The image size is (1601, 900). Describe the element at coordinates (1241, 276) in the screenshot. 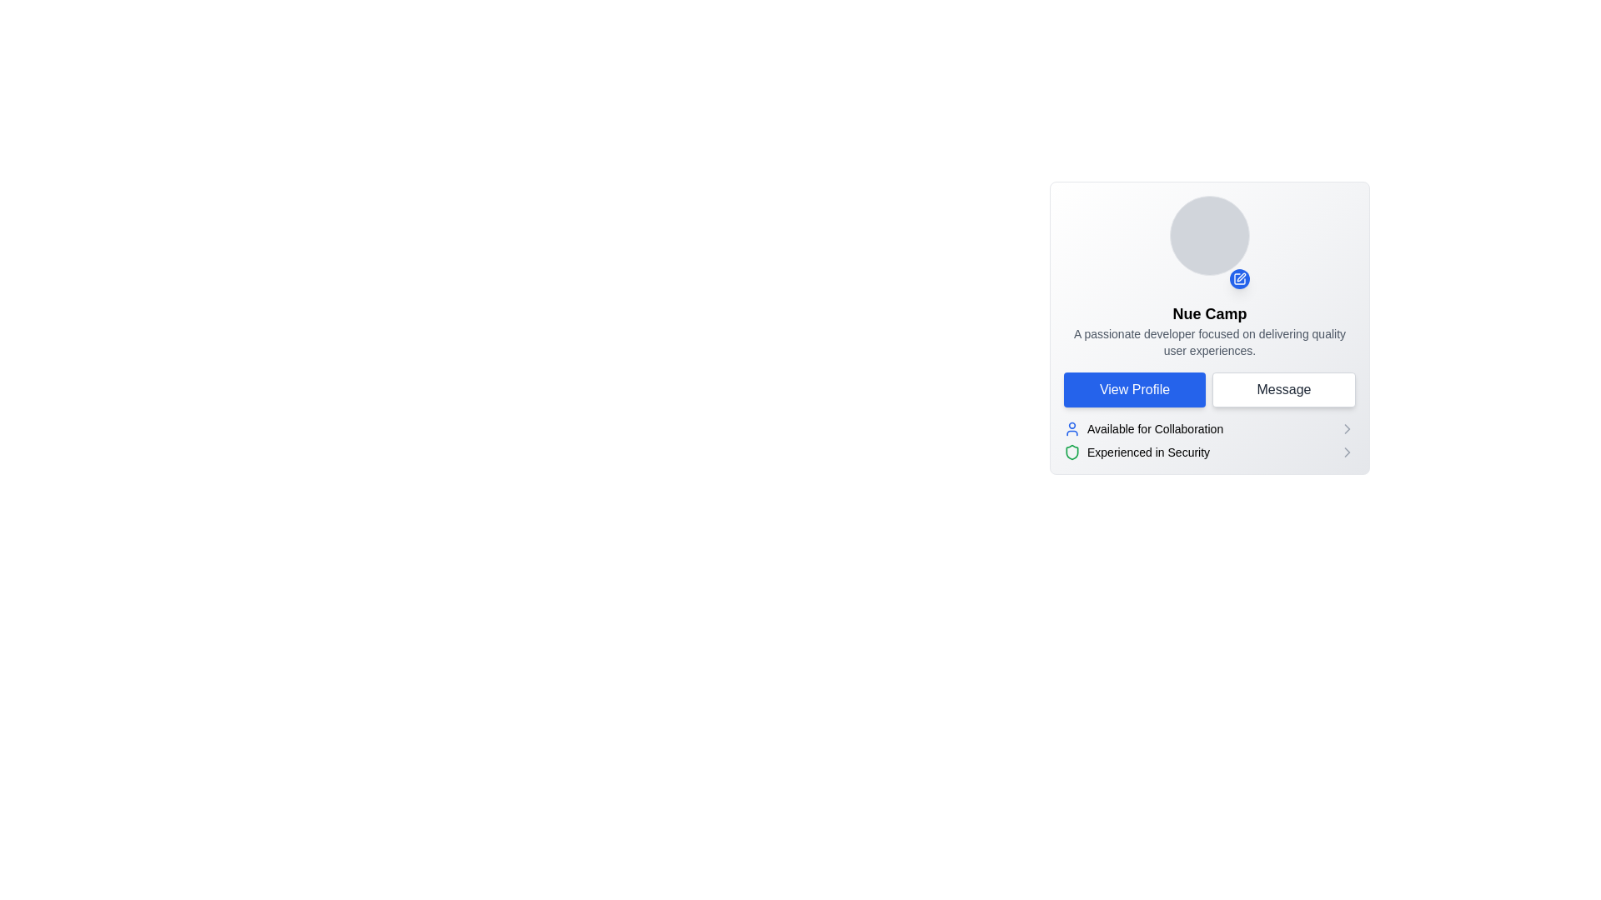

I see `the edit icon located in the top-right corner of the circular profile image within the profile card` at that location.